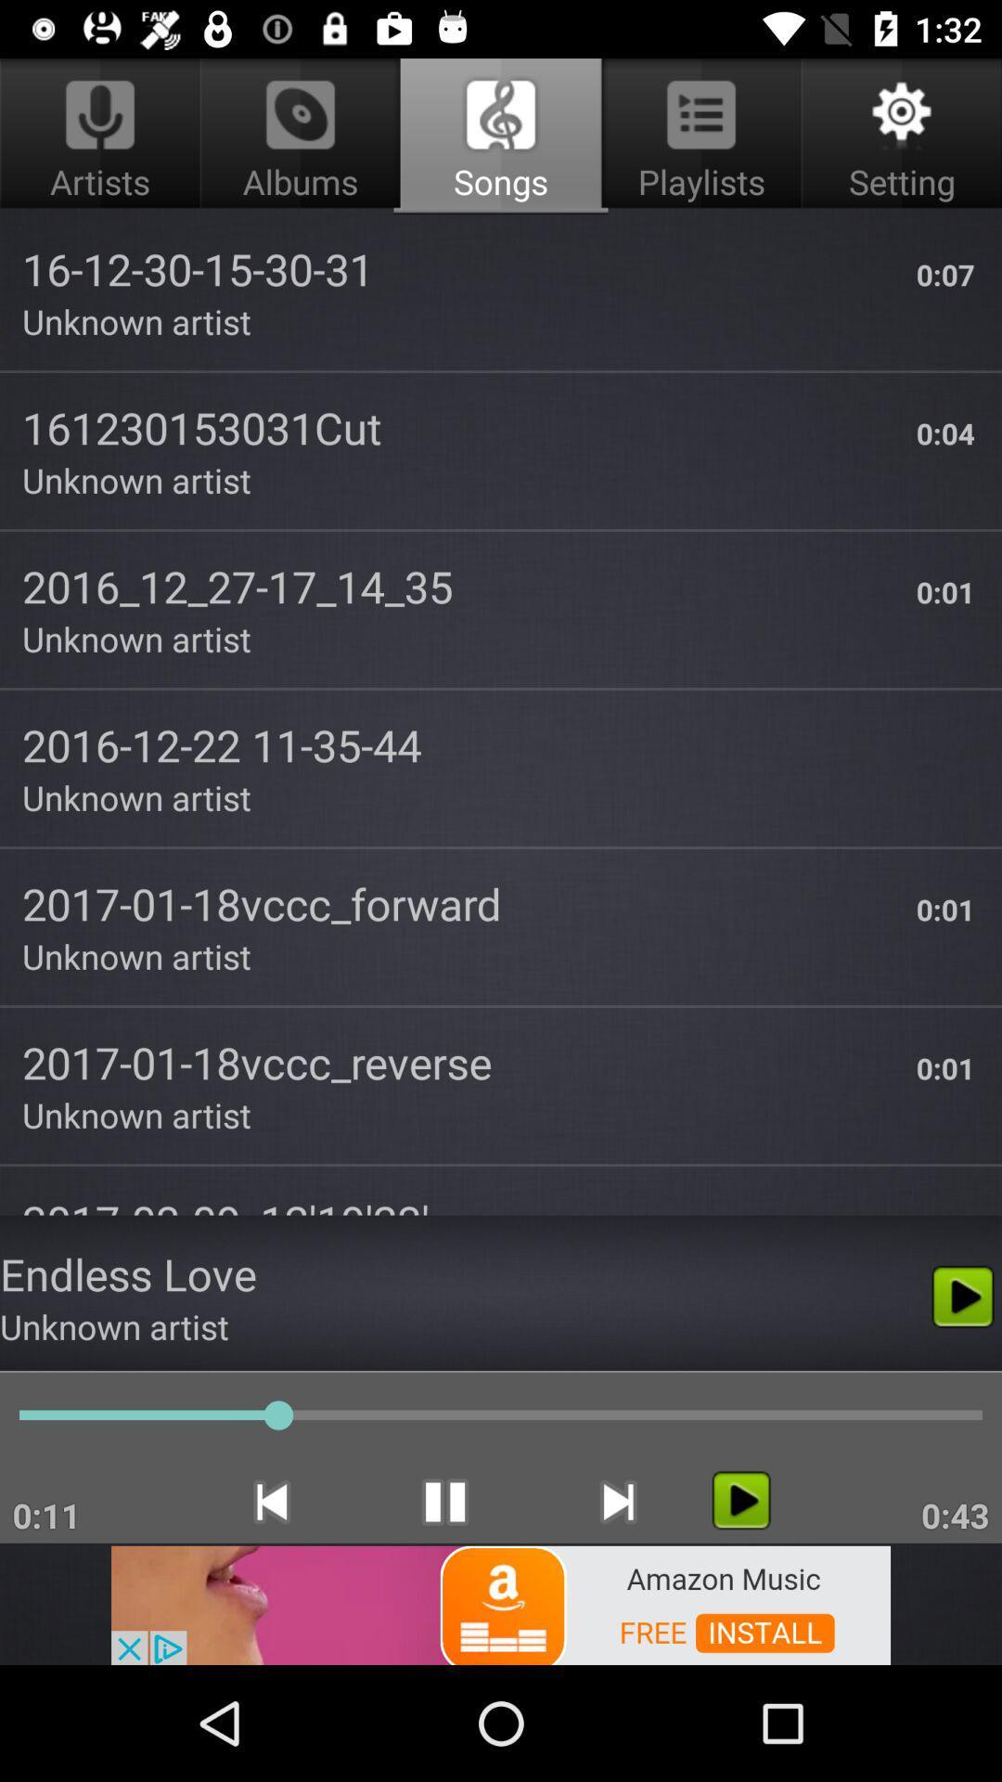 The image size is (1002, 1782). What do you see at coordinates (501, 1603) in the screenshot?
I see `advertisement` at bounding box center [501, 1603].